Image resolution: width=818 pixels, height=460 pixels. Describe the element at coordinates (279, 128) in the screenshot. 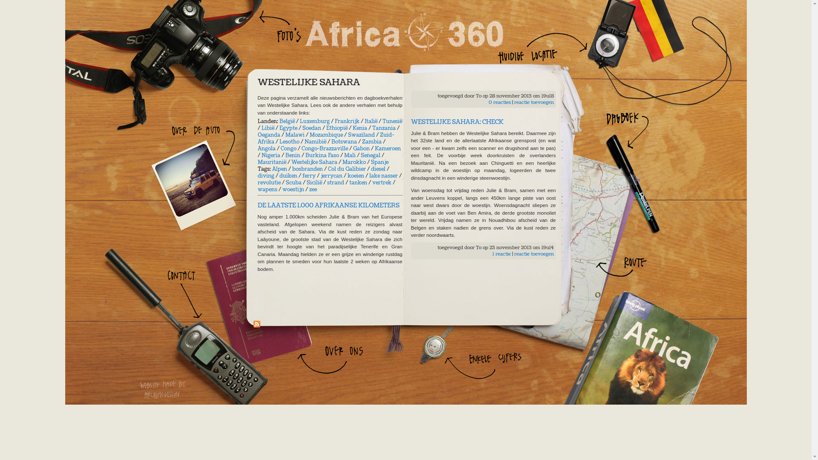

I see `'Egypte'` at that location.